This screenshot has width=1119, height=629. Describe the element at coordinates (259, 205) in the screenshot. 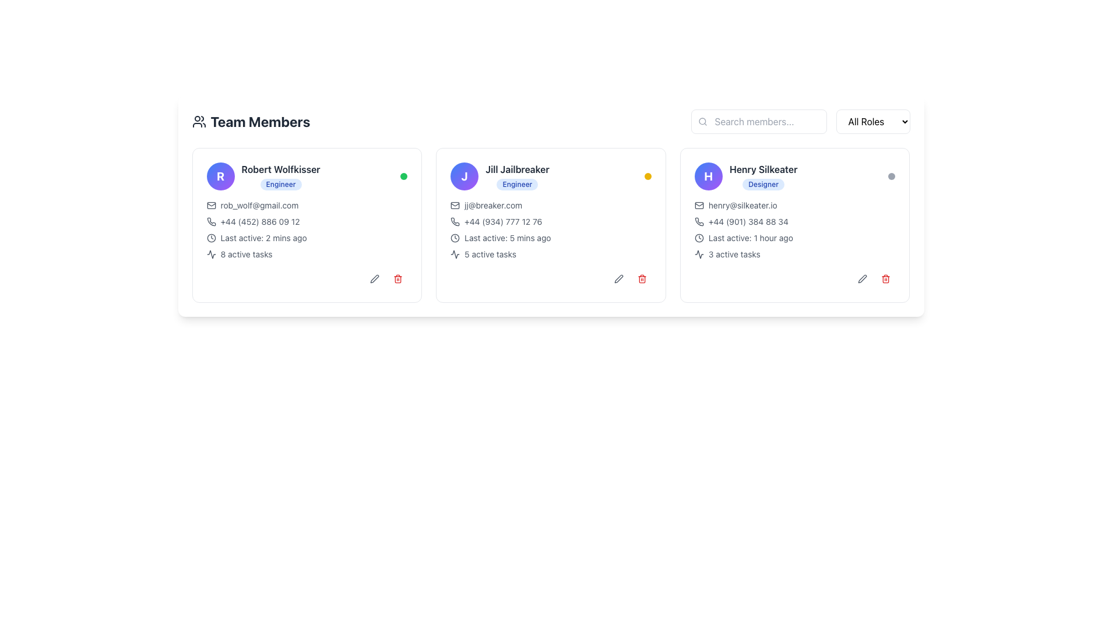

I see `the email hyperlink located in the leftmost profile card under the 'Team Members' section` at that location.